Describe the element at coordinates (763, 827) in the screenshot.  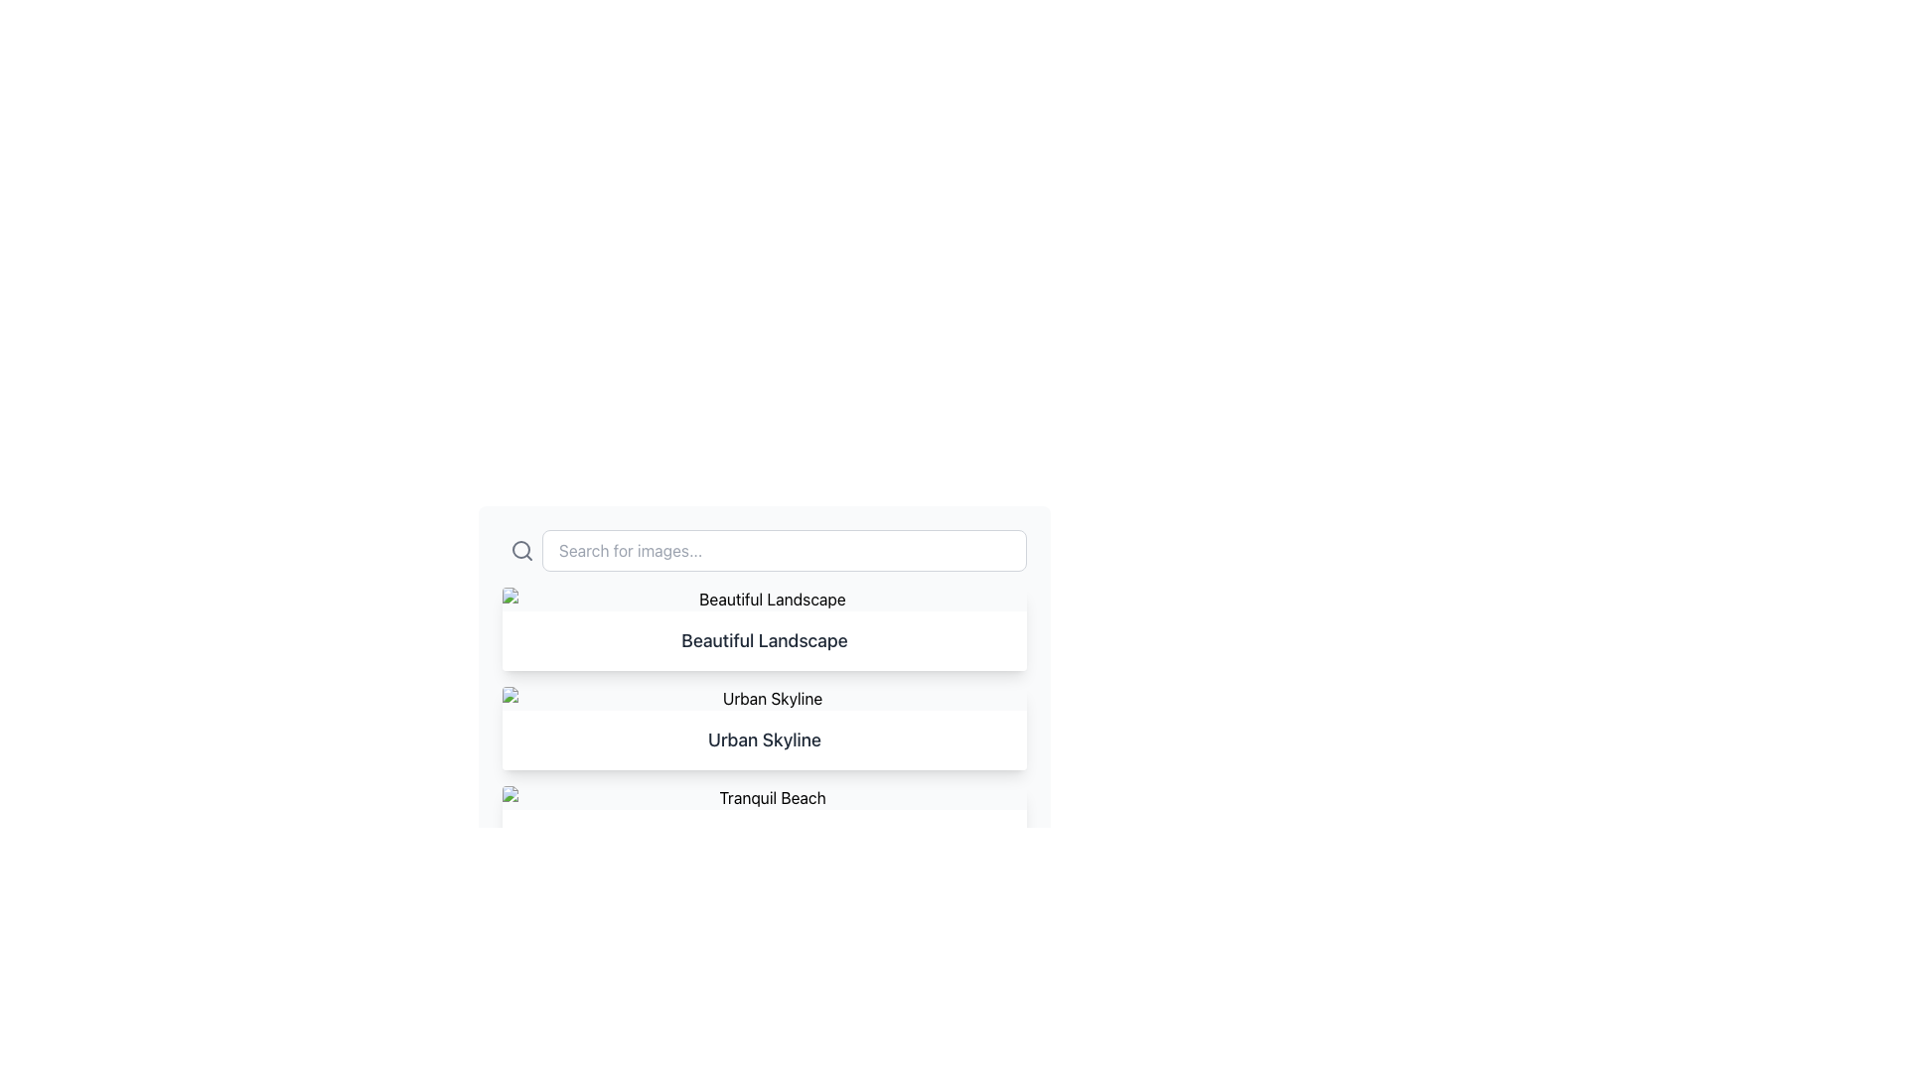
I see `the third card in the vertical grid layout` at that location.